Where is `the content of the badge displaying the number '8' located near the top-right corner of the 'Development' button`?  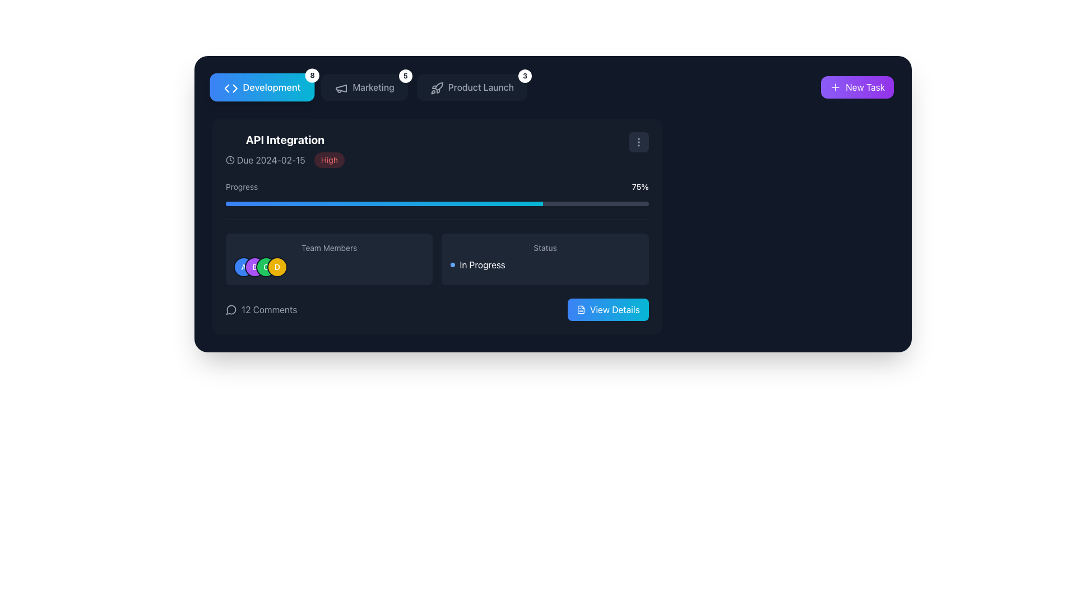 the content of the badge displaying the number '8' located near the top-right corner of the 'Development' button is located at coordinates (312, 76).